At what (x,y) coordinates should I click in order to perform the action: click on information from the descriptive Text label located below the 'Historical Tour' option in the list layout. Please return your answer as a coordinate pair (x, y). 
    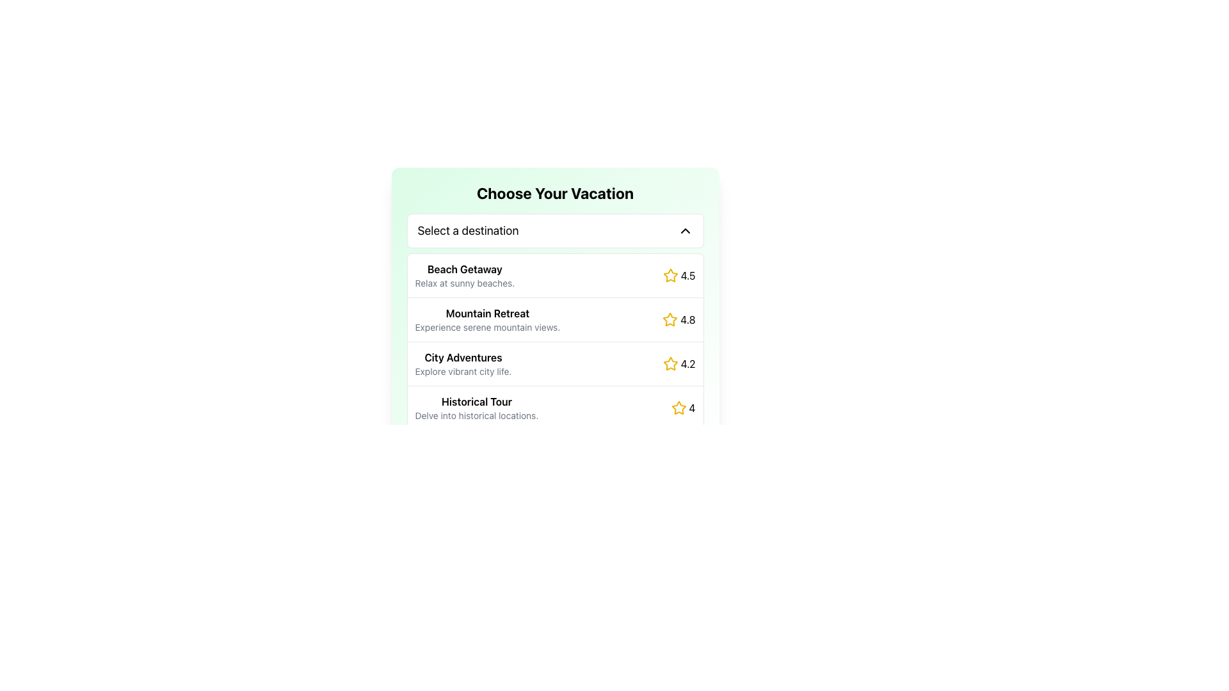
    Looking at the image, I should click on (476, 416).